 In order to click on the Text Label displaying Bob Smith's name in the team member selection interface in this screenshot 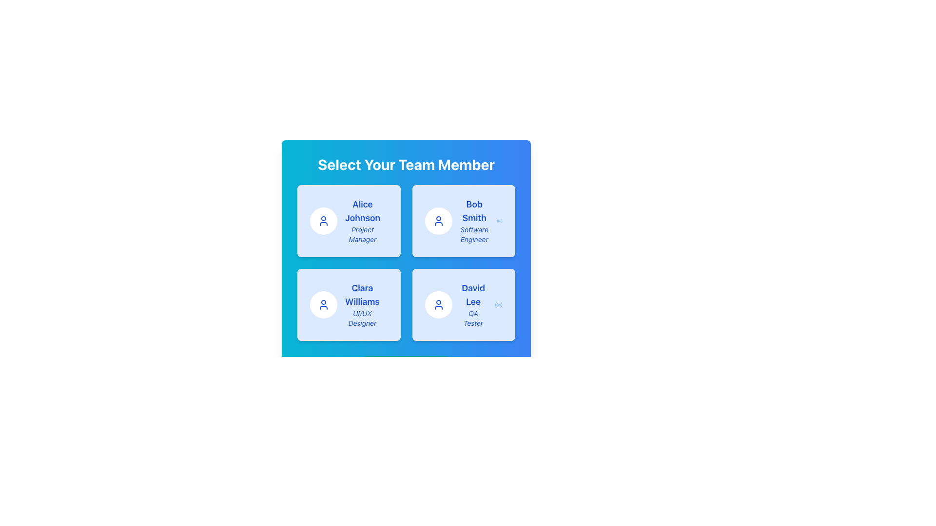, I will do `click(474, 211)`.